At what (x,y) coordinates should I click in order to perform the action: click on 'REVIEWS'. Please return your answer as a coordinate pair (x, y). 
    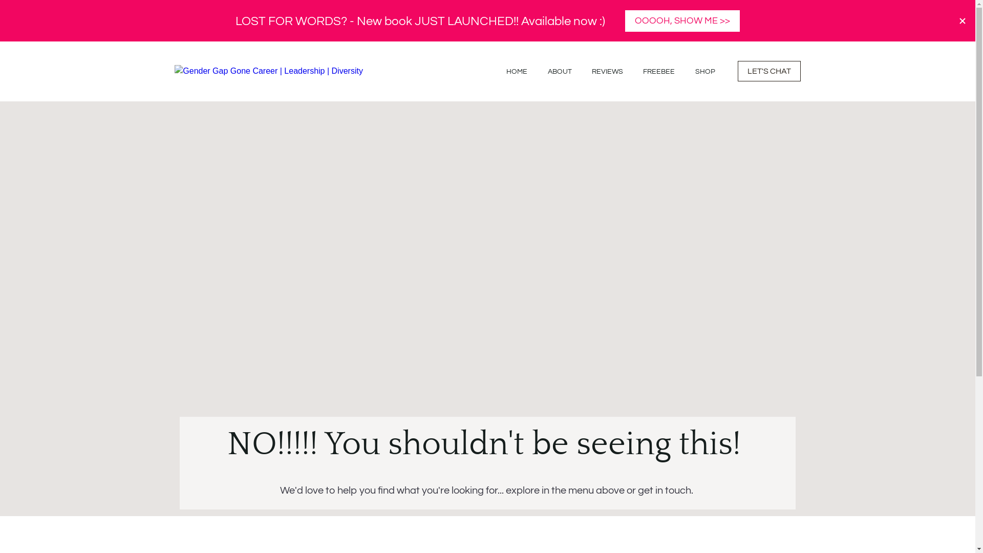
    Looking at the image, I should click on (607, 71).